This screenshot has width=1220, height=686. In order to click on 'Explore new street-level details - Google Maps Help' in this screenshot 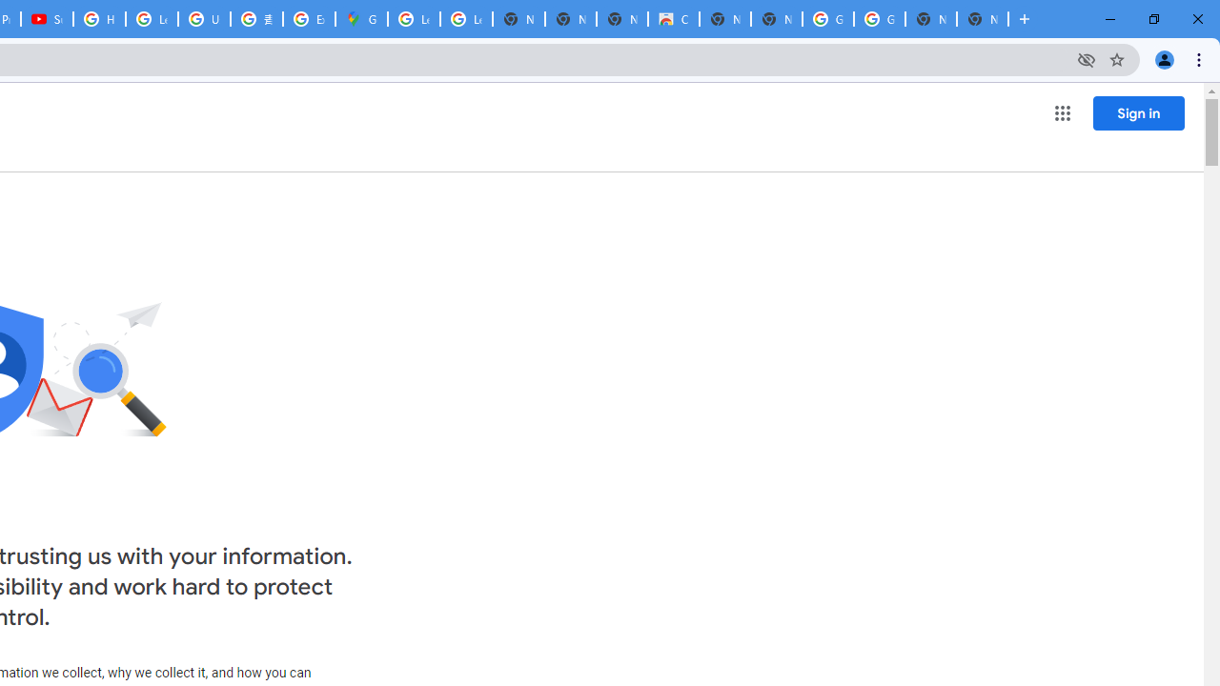, I will do `click(309, 19)`.